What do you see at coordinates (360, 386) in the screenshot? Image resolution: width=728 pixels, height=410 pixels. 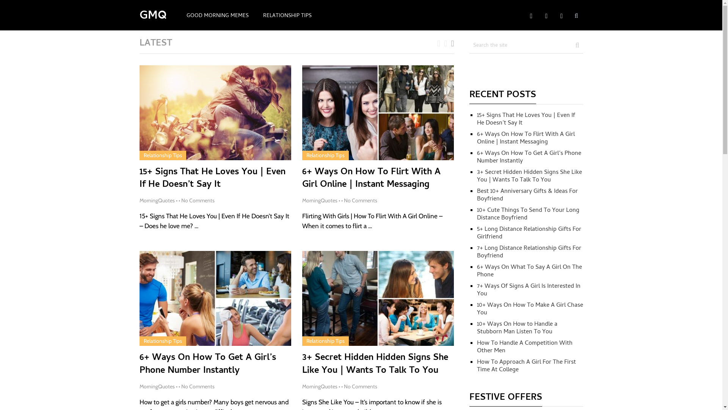 I see `'No Comments'` at bounding box center [360, 386].